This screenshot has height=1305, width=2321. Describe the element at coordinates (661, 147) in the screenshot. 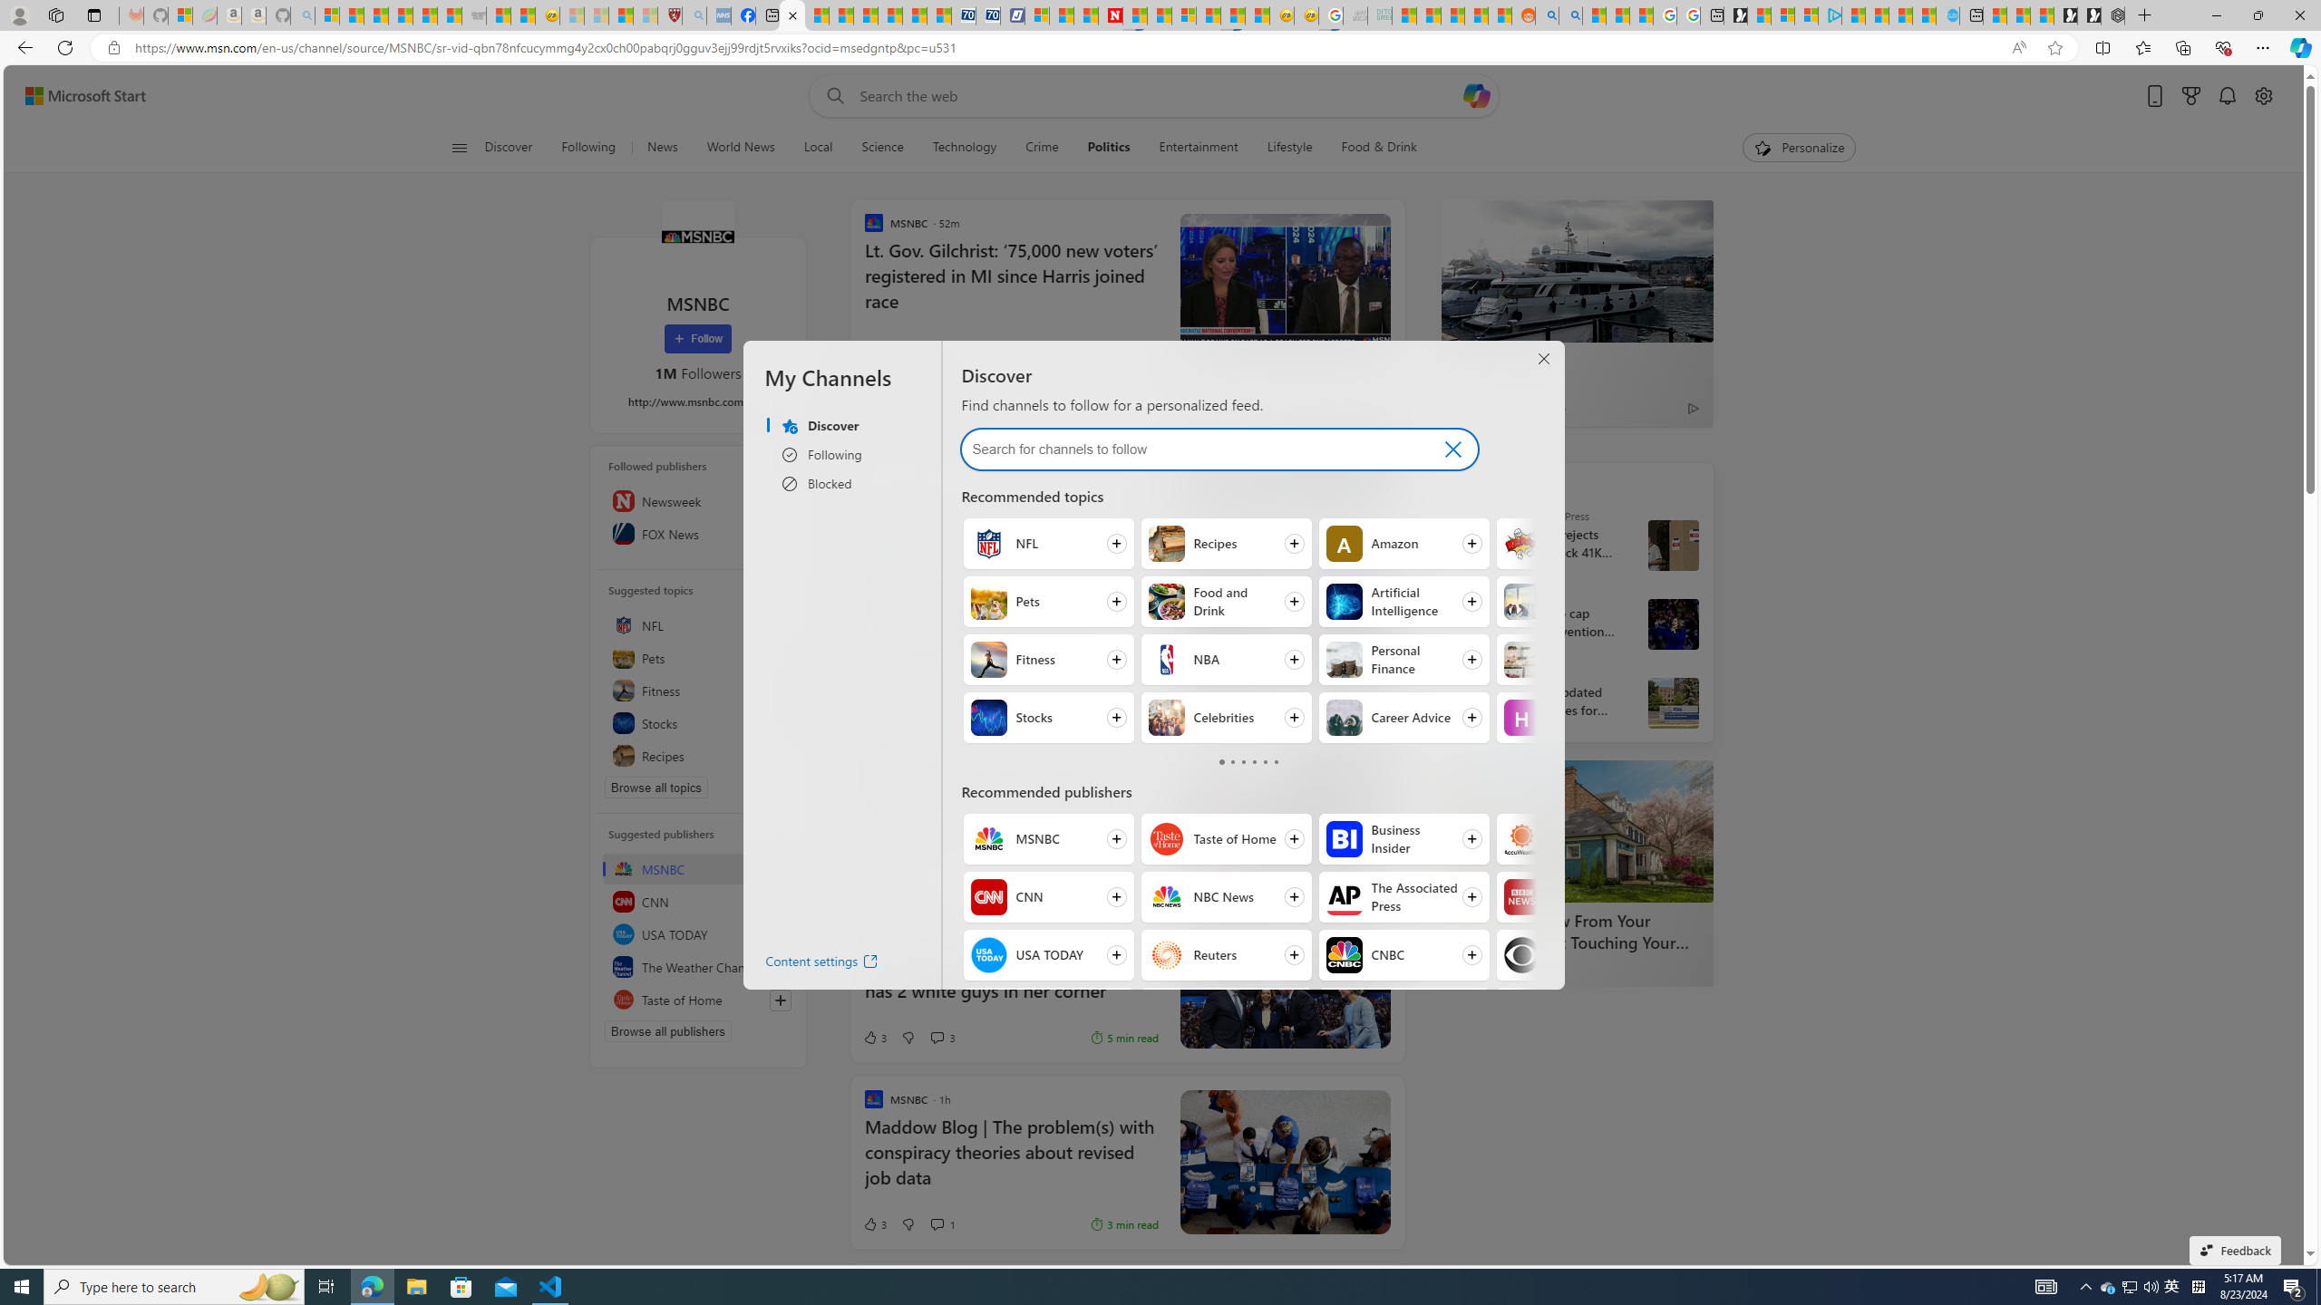

I see `'News'` at that location.